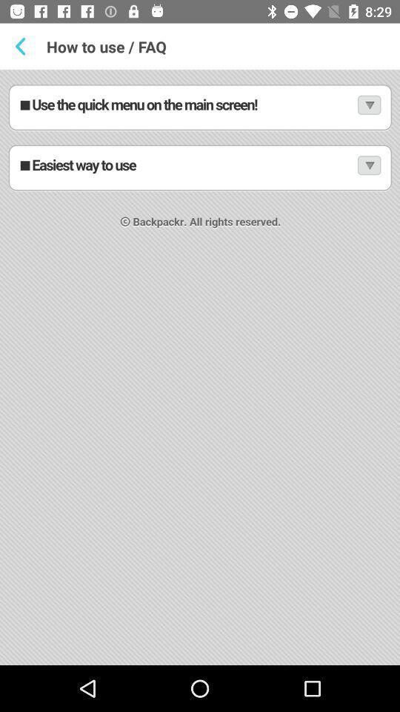  What do you see at coordinates (22, 46) in the screenshot?
I see `previews button` at bounding box center [22, 46].